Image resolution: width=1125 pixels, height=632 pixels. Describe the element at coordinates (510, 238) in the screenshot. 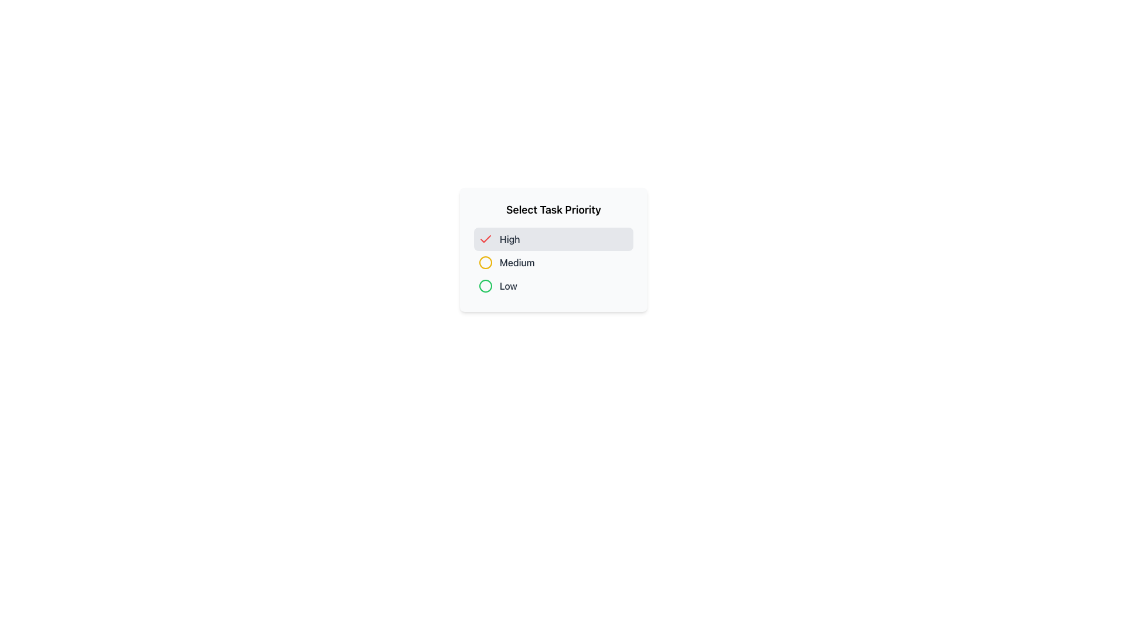

I see `the 'High' text label element, which is styled with gray text and a light gray background, indicating a high task priority level` at that location.